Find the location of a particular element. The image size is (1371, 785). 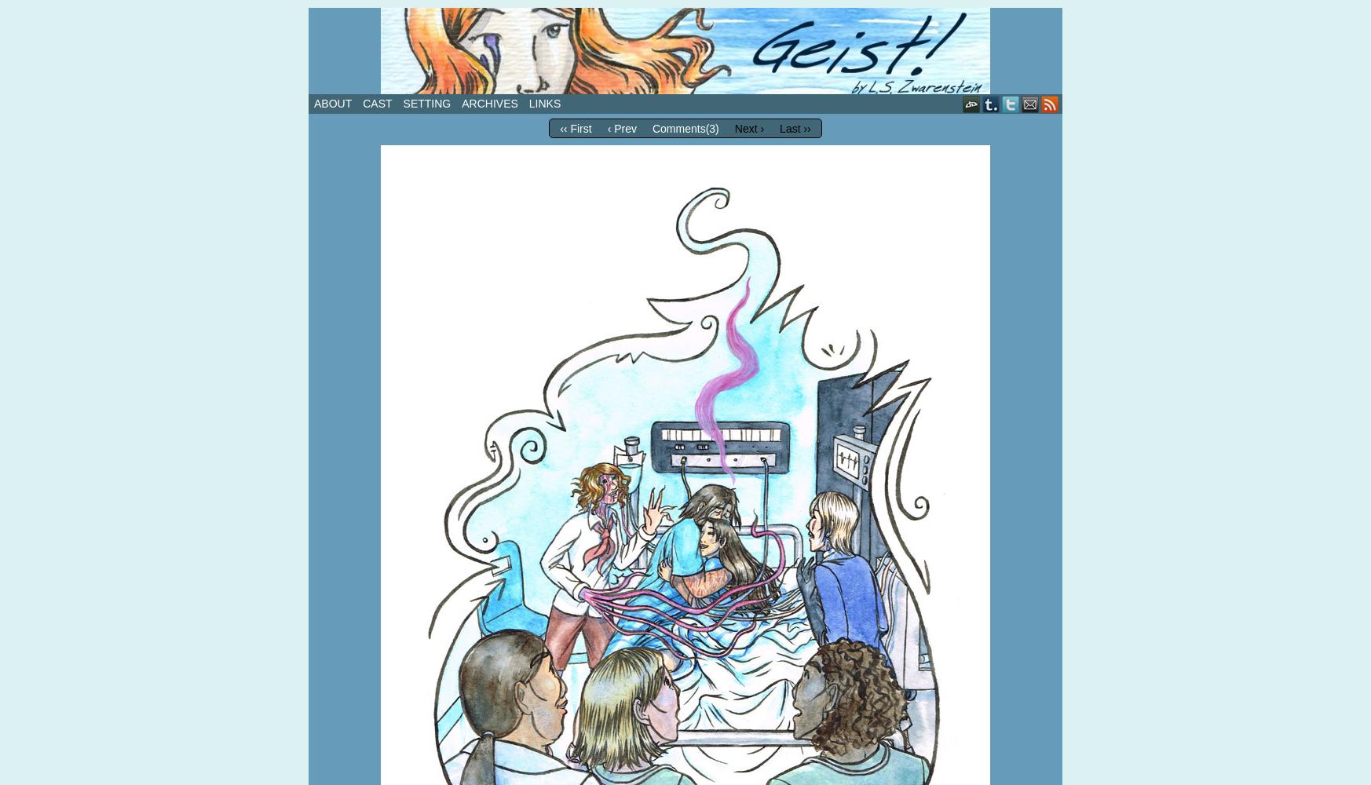

'Next ›' is located at coordinates (733, 129).